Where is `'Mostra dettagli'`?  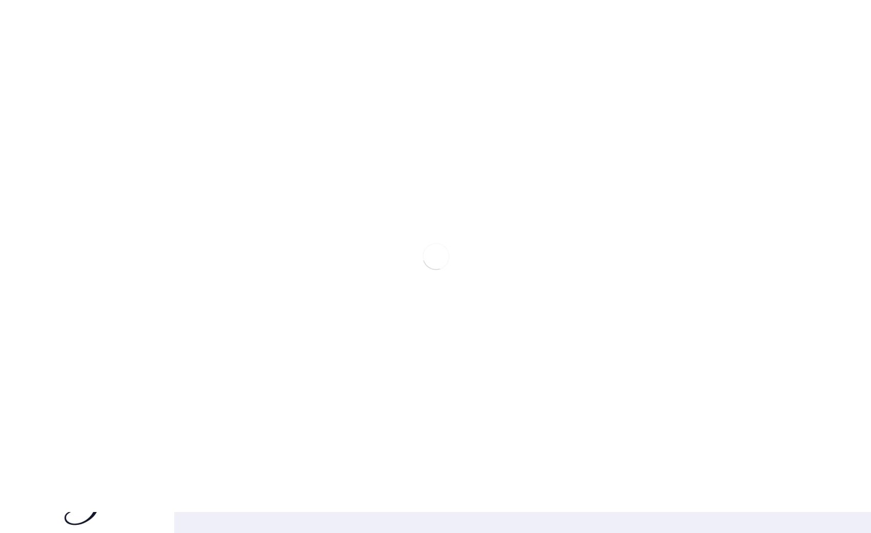 'Mostra dettagli' is located at coordinates (790, 483).